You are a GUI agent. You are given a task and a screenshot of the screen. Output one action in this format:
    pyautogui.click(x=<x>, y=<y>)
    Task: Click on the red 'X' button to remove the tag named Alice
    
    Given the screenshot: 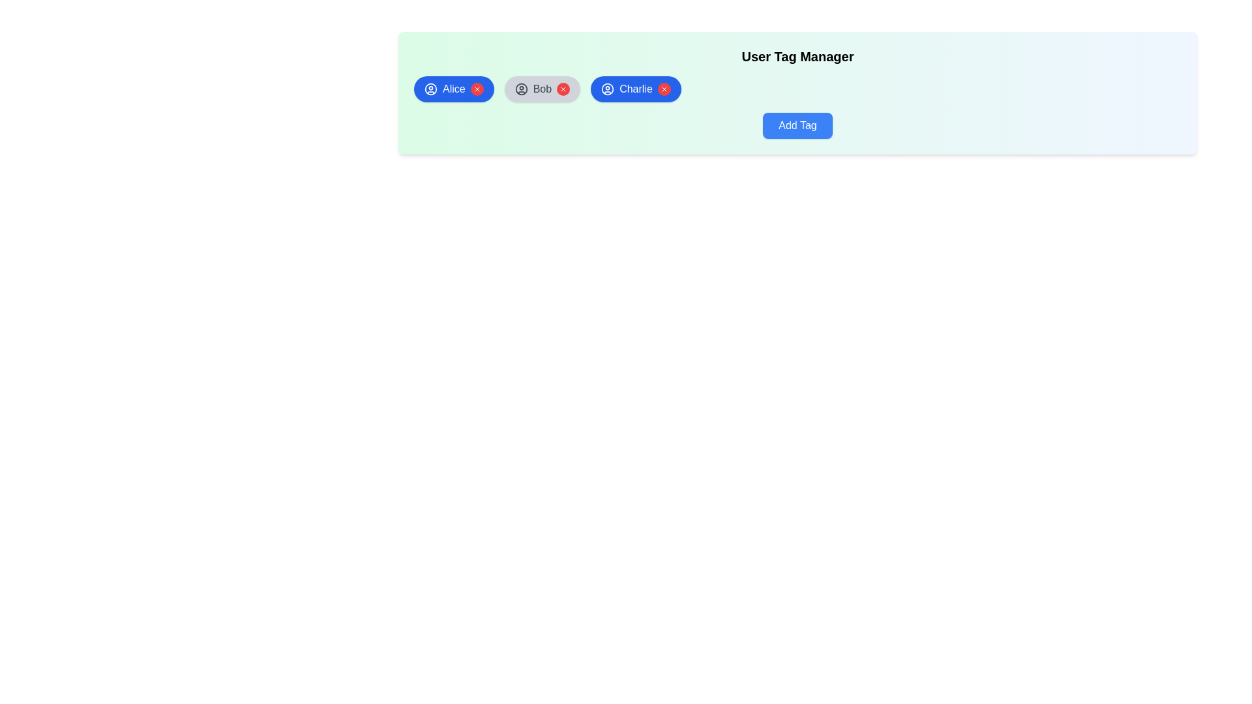 What is the action you would take?
    pyautogui.click(x=476, y=89)
    